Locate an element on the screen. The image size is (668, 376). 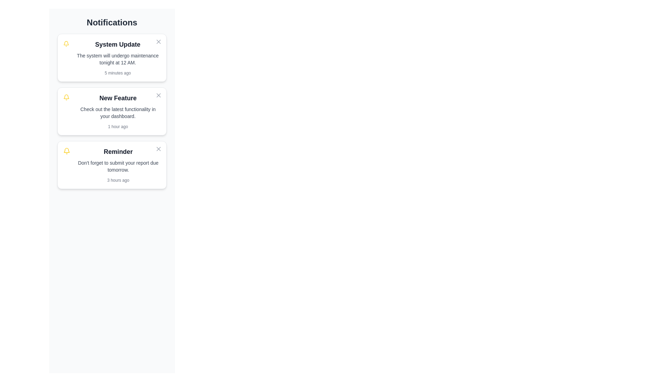
the close button located at the top-right corner of the 'Reminder' notification box is located at coordinates (158, 149).